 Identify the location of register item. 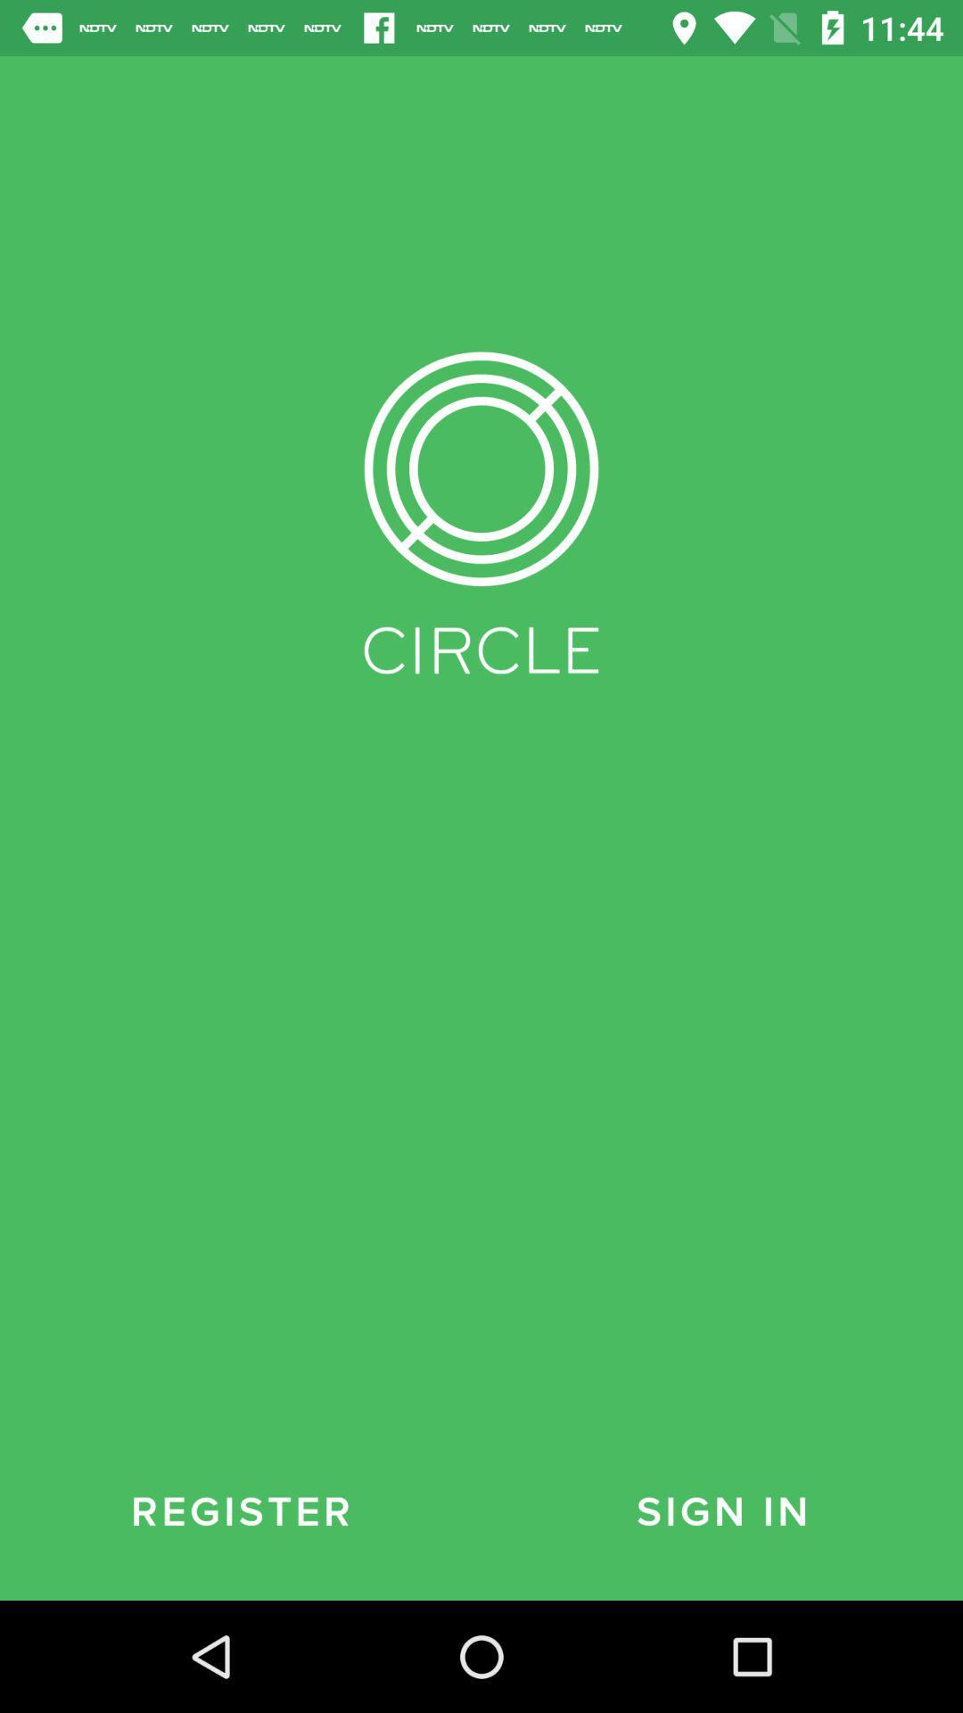
(241, 1511).